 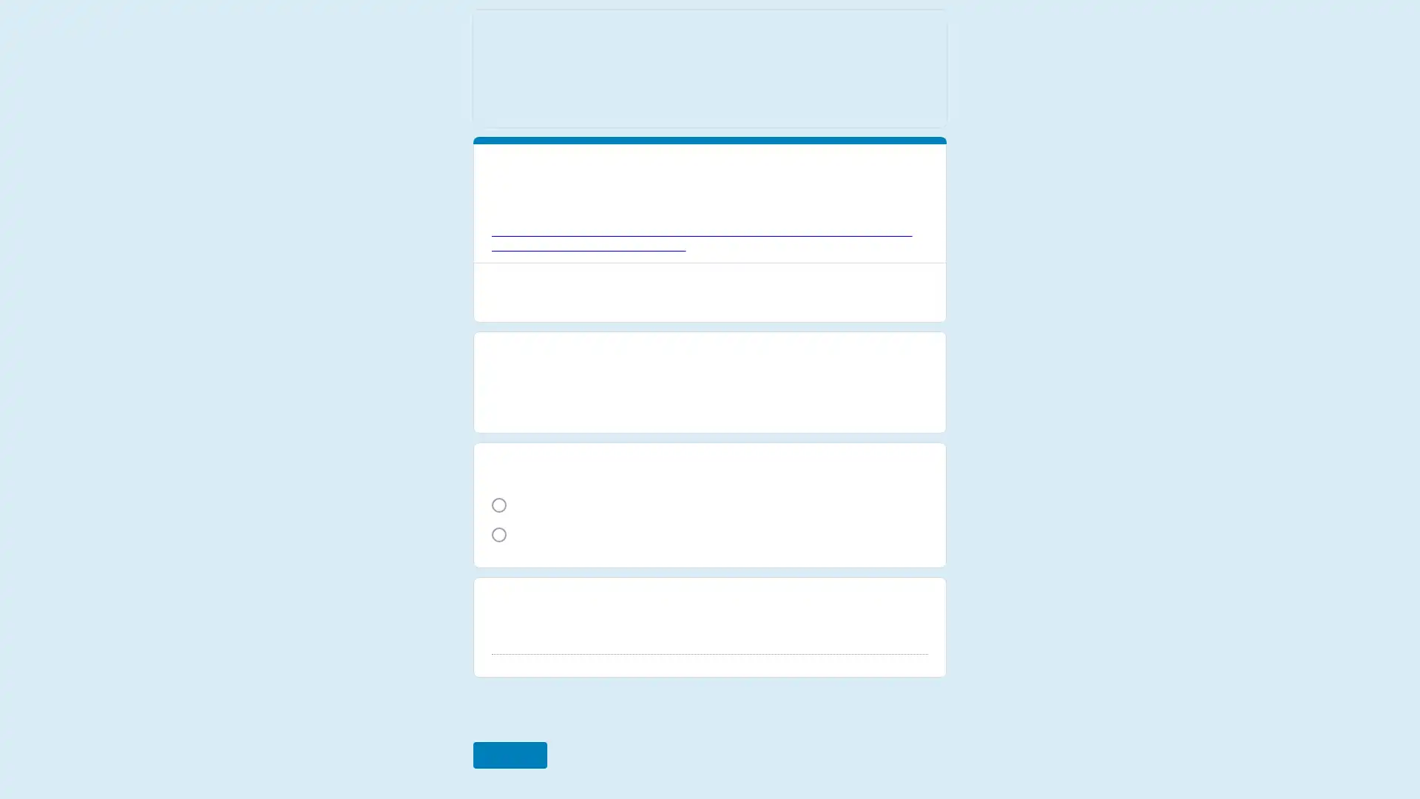 What do you see at coordinates (707, 263) in the screenshot?
I see `Learn more` at bounding box center [707, 263].